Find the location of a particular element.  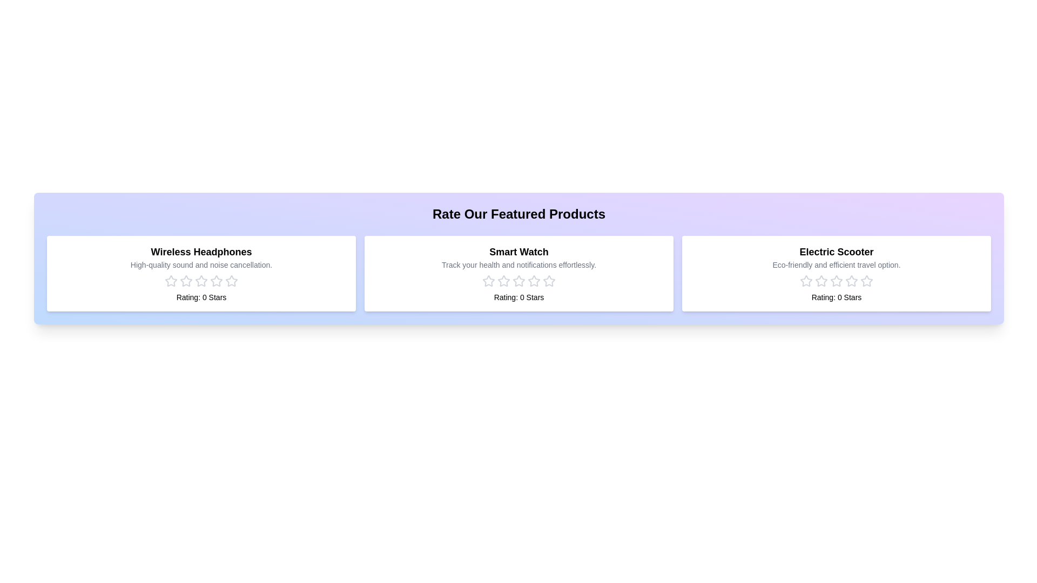

the rating for the product 'Smart Watch' to 1 stars by clicking on the corresponding star is located at coordinates (488, 280).